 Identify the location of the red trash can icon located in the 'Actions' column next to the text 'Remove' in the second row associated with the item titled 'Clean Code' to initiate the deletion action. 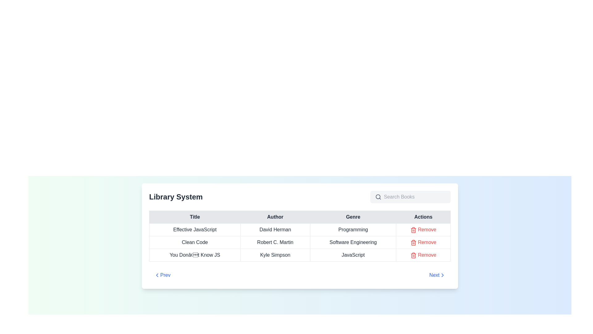
(413, 242).